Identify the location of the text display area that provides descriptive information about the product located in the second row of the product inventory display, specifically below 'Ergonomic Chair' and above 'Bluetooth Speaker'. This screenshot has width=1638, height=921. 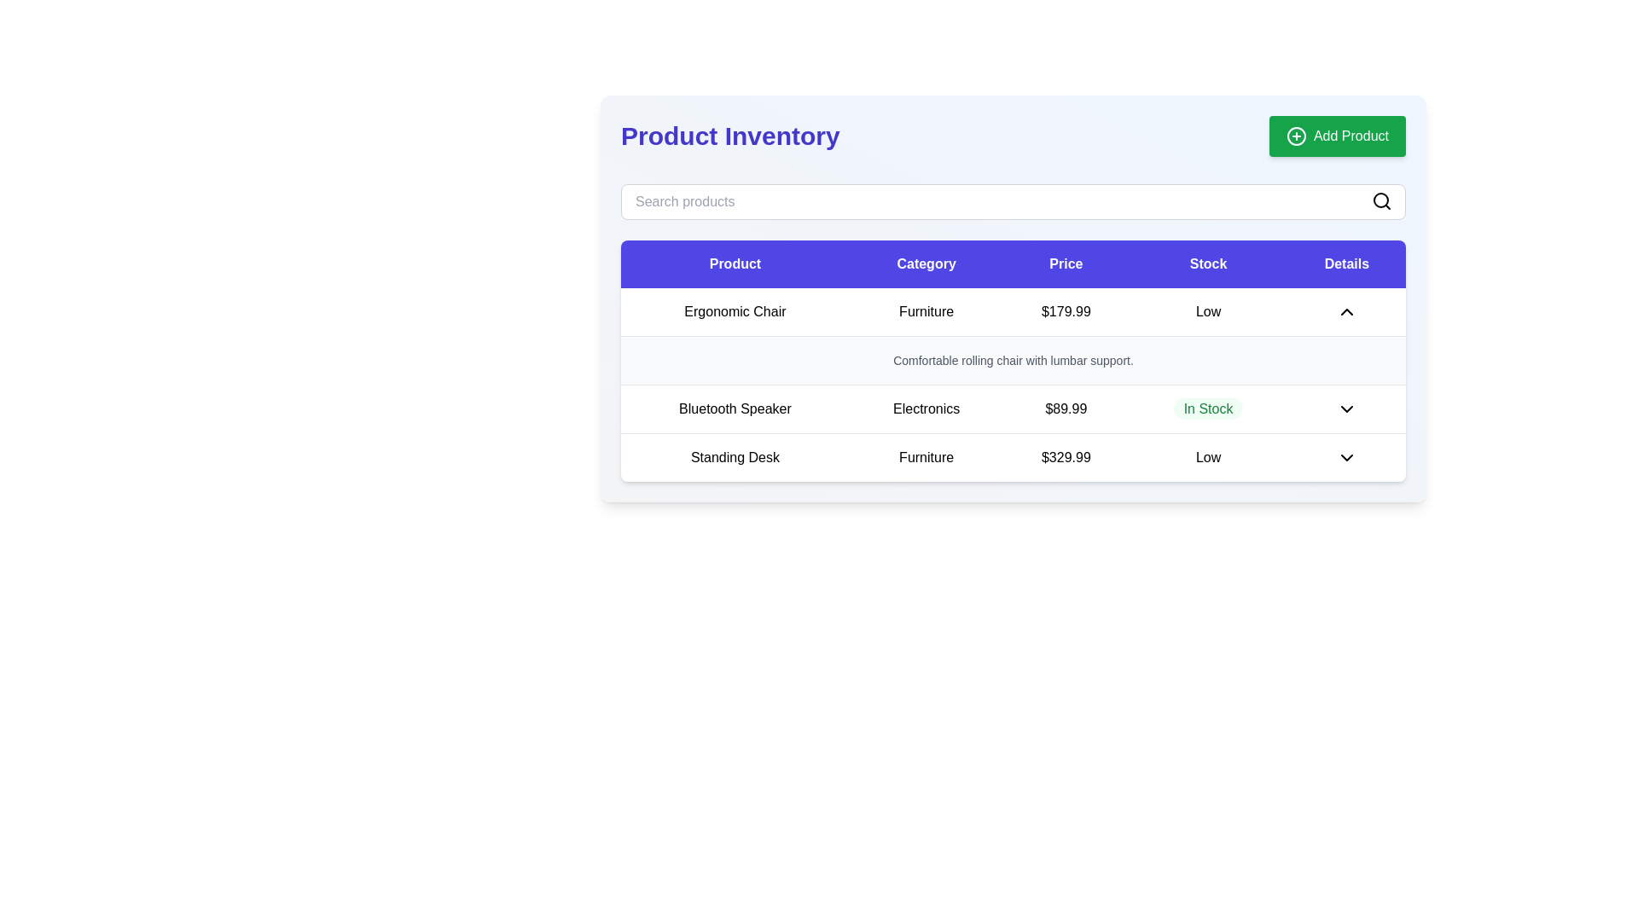
(1014, 360).